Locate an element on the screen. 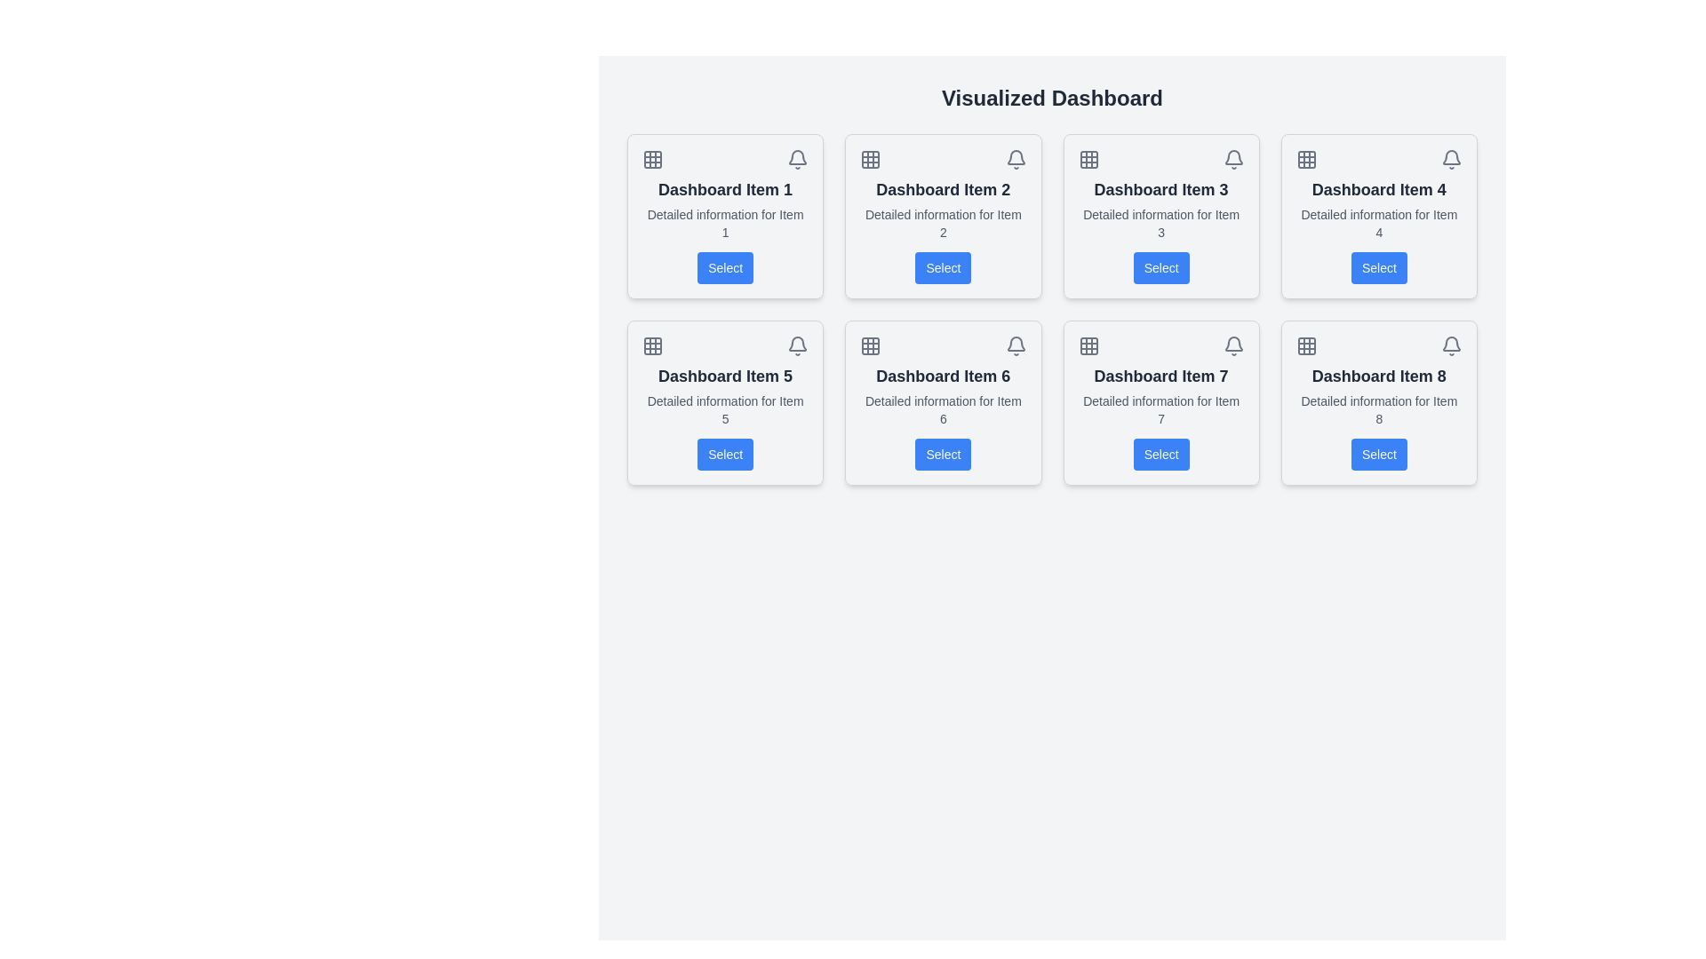 The width and height of the screenshot is (1706, 959). the 'Select' button in the second card titled 'Dashboard Item 2' is located at coordinates (942, 267).